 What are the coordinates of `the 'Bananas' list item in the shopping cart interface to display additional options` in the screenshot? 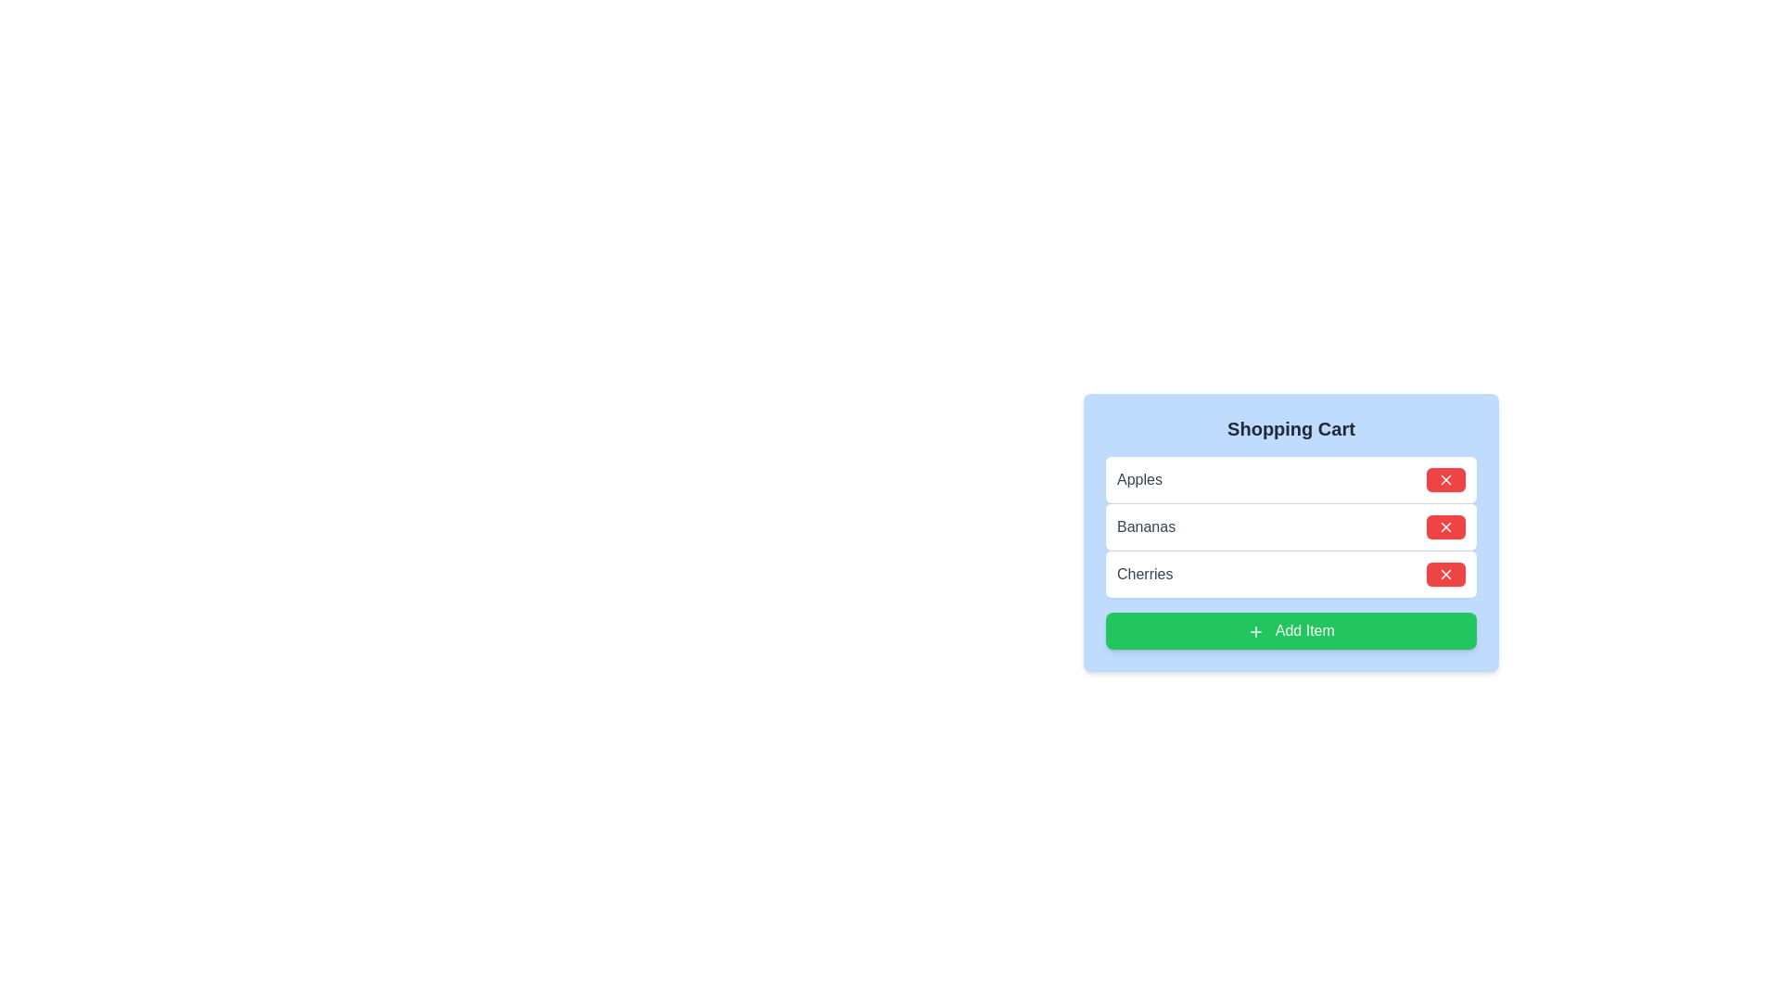 It's located at (1290, 532).